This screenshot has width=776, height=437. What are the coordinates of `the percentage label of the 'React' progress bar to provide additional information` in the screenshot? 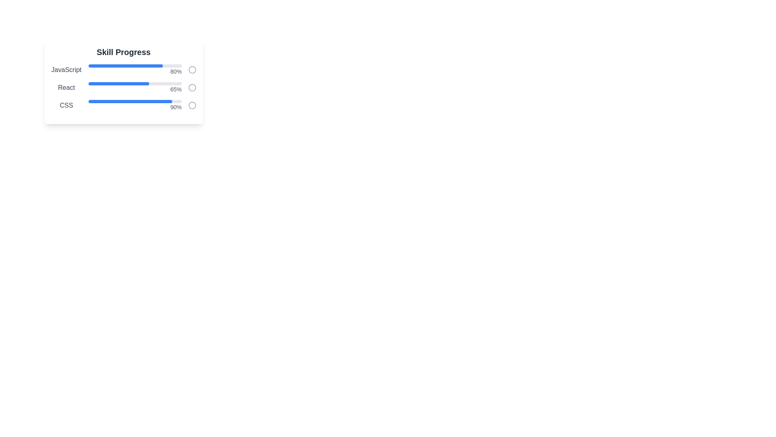 It's located at (135, 87).